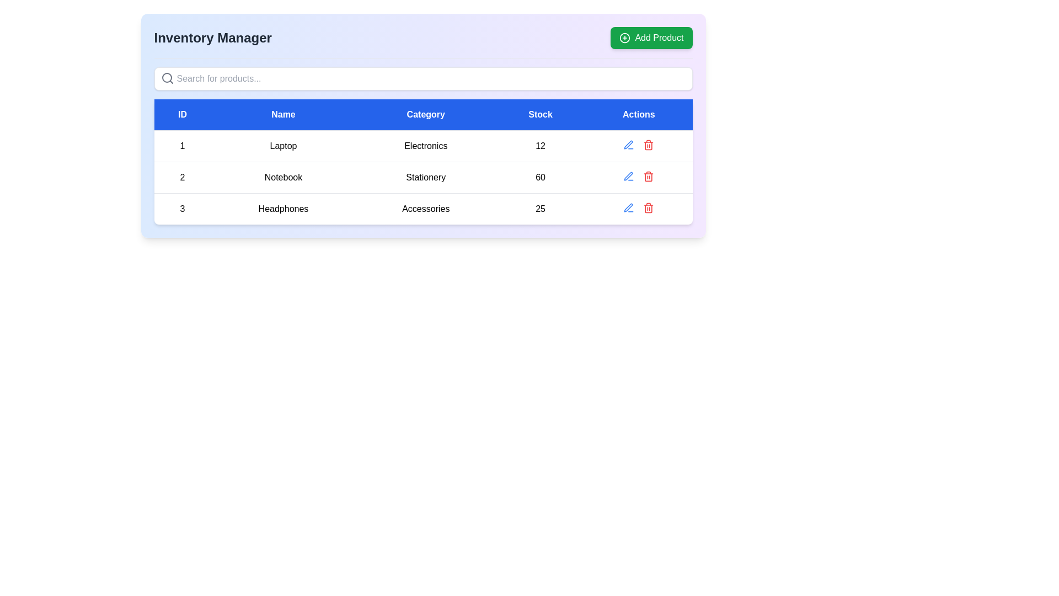 This screenshot has width=1059, height=596. I want to click on the static text displaying the numeric value '25' in the 'Stock' column of the third row in the table, so click(540, 209).